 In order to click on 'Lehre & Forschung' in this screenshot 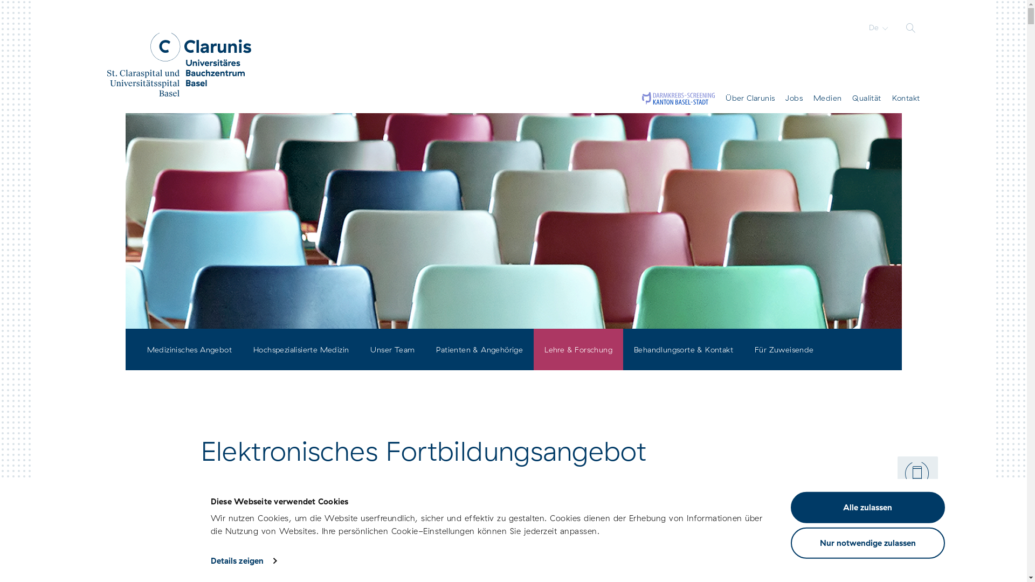, I will do `click(578, 349)`.